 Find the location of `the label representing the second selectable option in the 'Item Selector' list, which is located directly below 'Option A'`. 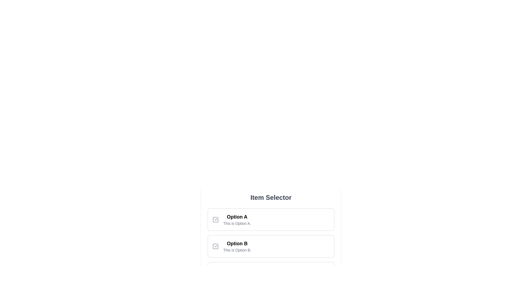

the label representing the second selectable option in the 'Item Selector' list, which is located directly below 'Option A' is located at coordinates (237, 243).